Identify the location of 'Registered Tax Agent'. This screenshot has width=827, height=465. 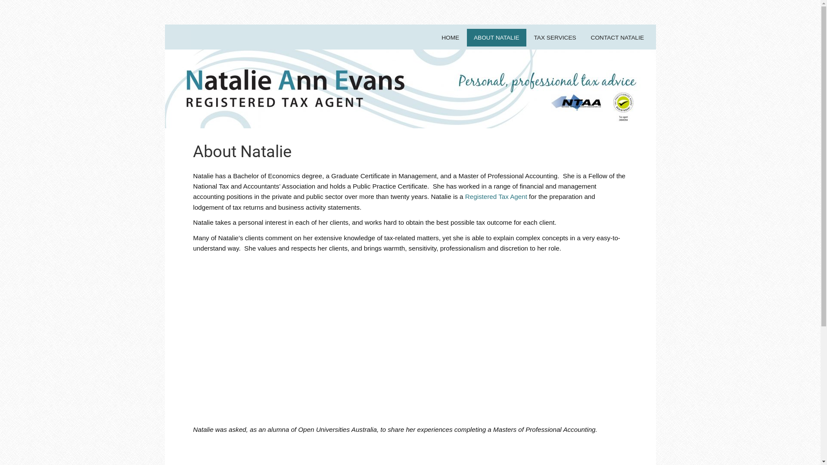
(496, 196).